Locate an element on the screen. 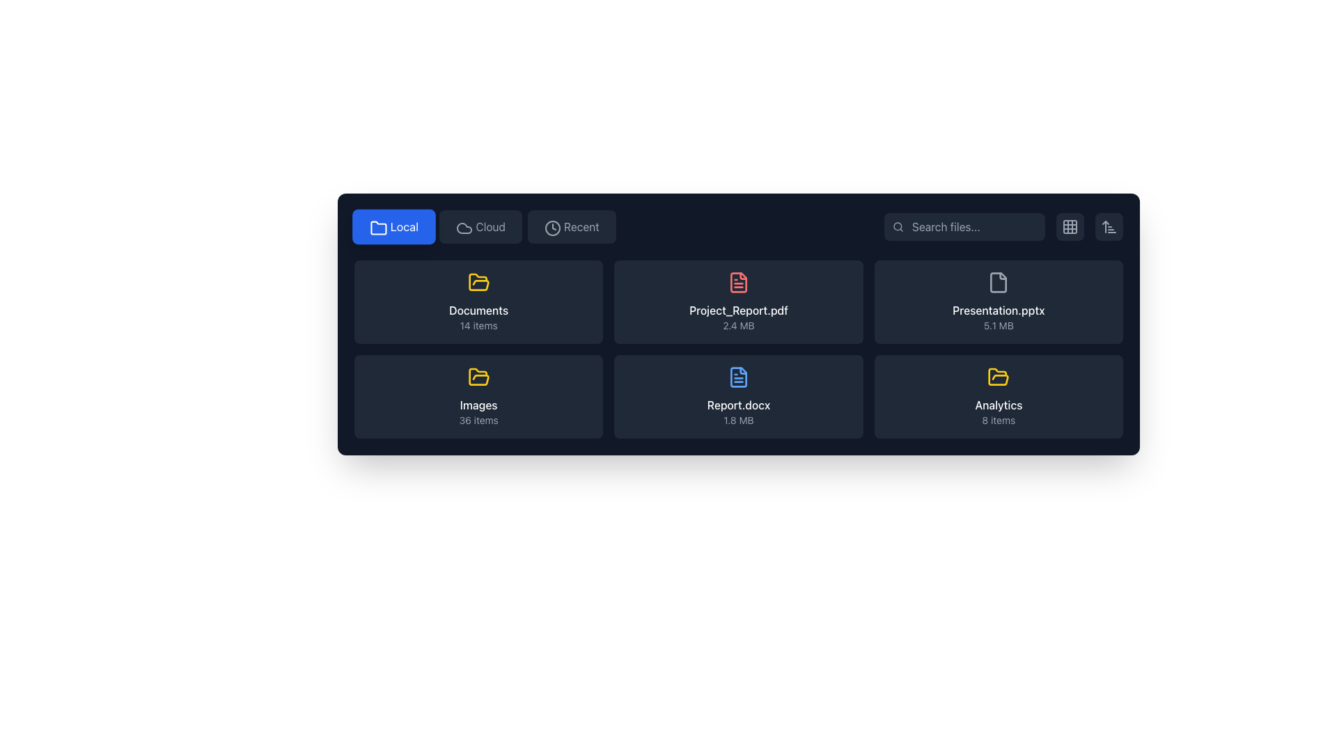 The height and width of the screenshot is (752, 1337). the 'Images' folder, represented by a yellow folder icon with the text 'Images' and subtext '36 items', located in the second row, first column of the grid layout beneath the 'Documents' panel is located at coordinates (478, 397).